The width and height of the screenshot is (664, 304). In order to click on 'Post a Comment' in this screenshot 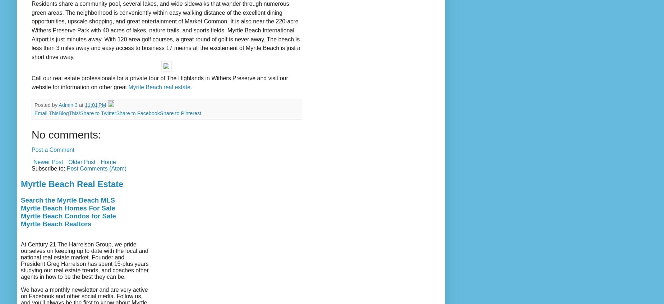, I will do `click(31, 149)`.